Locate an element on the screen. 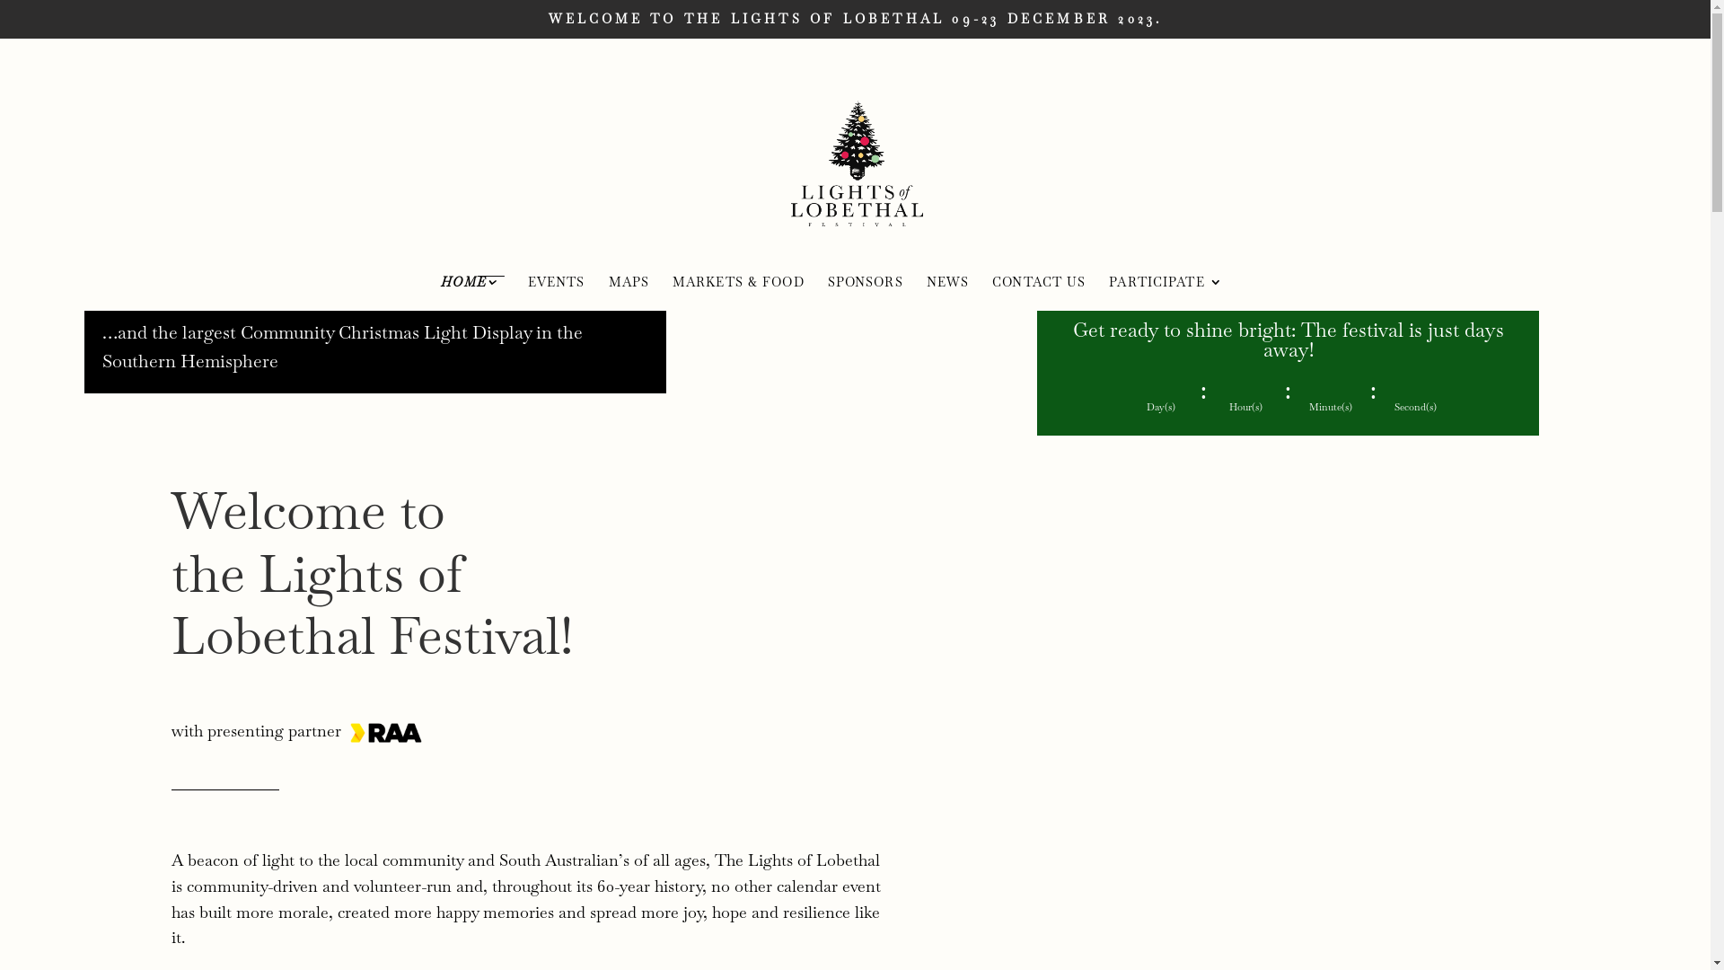  'EVENTS' is located at coordinates (555, 292).